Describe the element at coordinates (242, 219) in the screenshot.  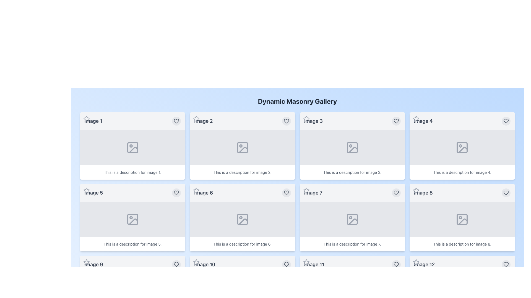
I see `SVG shape (rounded rectangle) representing the image icon located in the upper section of the 'Image 6' card` at that location.